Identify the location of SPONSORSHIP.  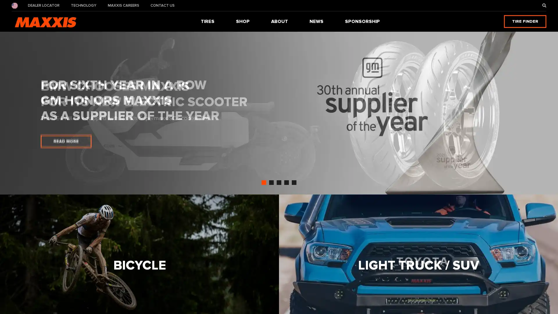
(362, 21).